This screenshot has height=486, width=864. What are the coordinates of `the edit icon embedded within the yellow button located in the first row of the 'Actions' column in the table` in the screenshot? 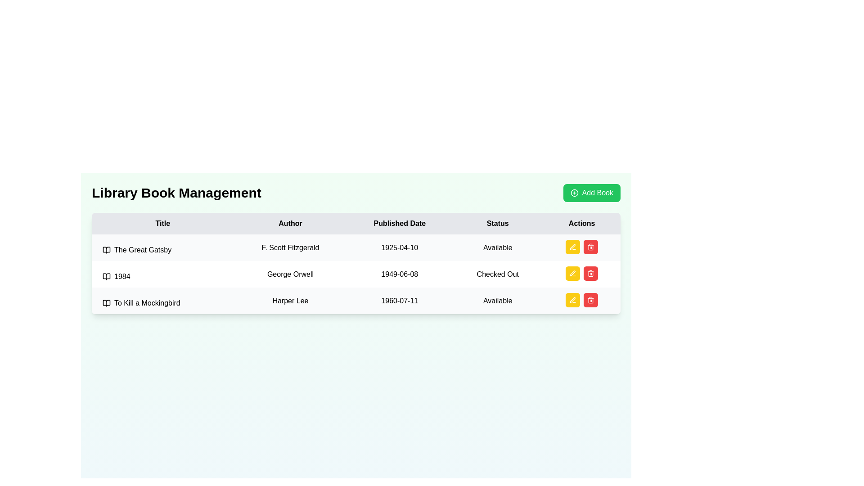 It's located at (572, 247).